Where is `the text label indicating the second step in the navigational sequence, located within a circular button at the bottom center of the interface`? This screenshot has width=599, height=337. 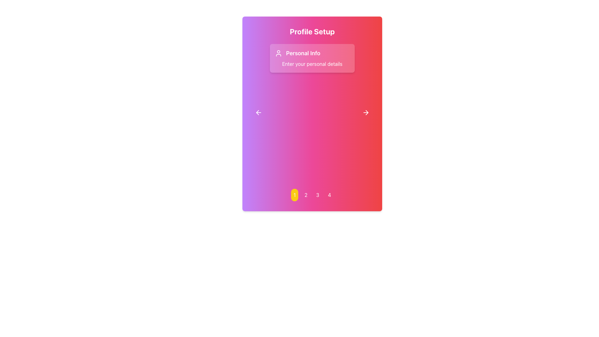 the text label indicating the second step in the navigational sequence, located within a circular button at the bottom center of the interface is located at coordinates (306, 194).